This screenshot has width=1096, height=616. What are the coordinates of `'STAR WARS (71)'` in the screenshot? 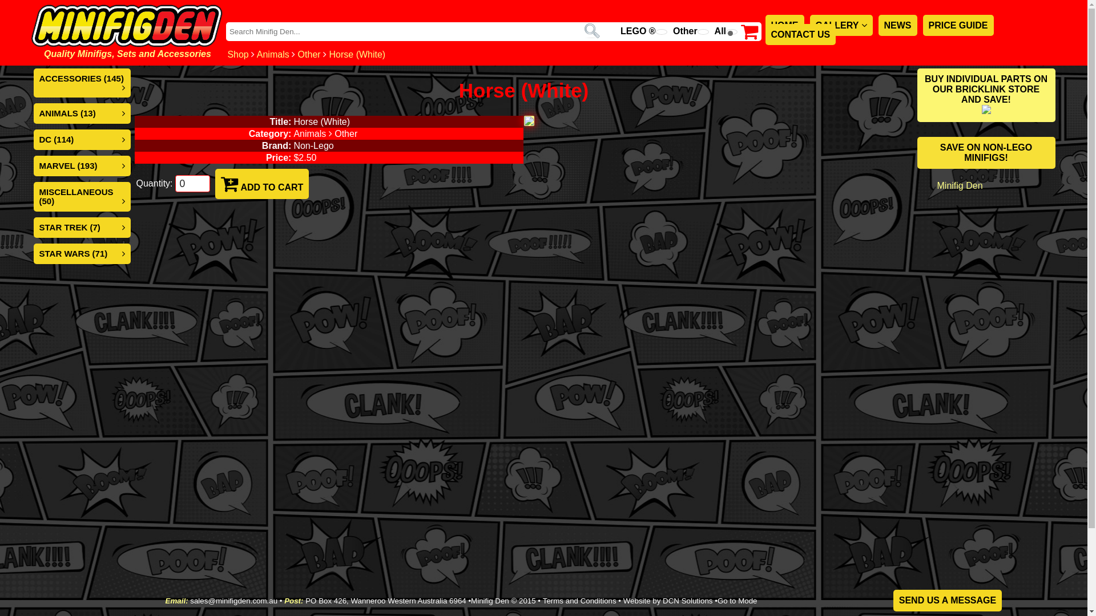 It's located at (72, 253).